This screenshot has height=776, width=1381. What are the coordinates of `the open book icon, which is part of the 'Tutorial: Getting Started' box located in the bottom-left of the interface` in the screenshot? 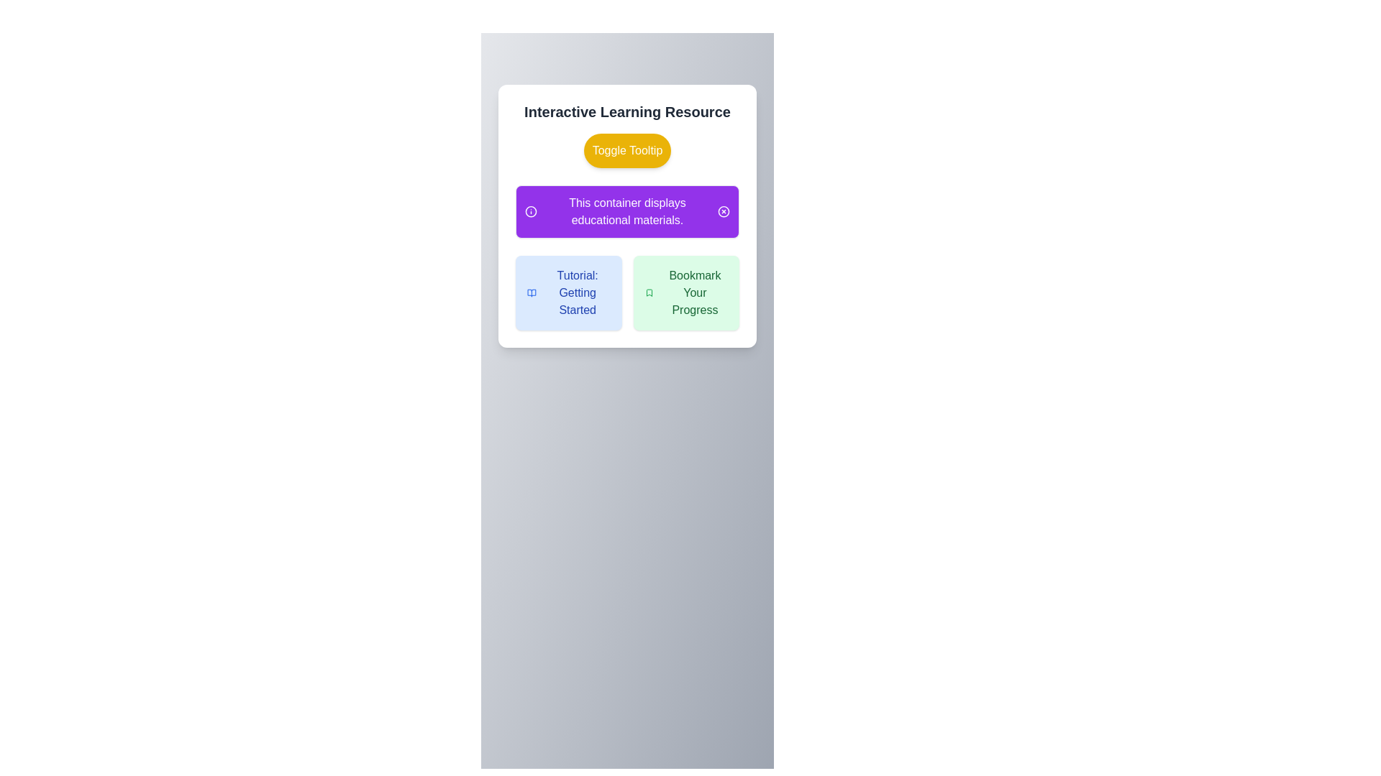 It's located at (531, 292).